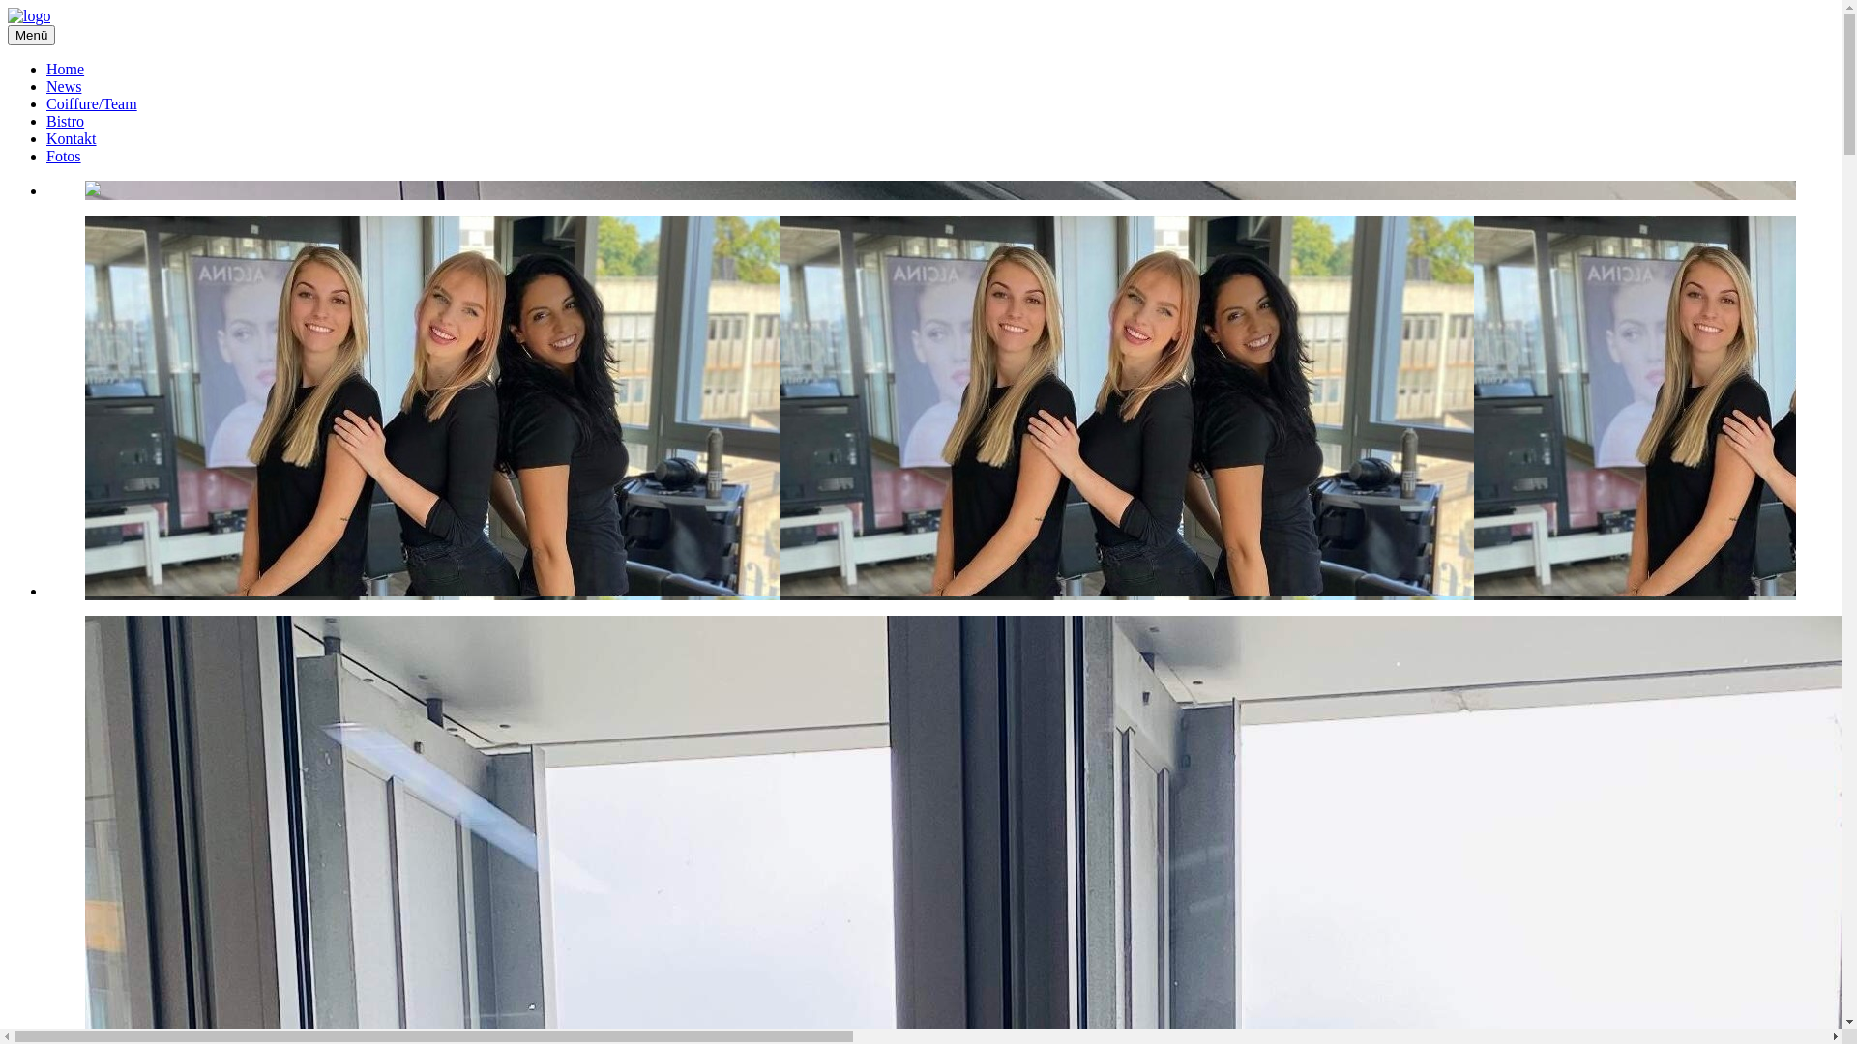 This screenshot has width=1857, height=1044. What do you see at coordinates (64, 85) in the screenshot?
I see `'News'` at bounding box center [64, 85].